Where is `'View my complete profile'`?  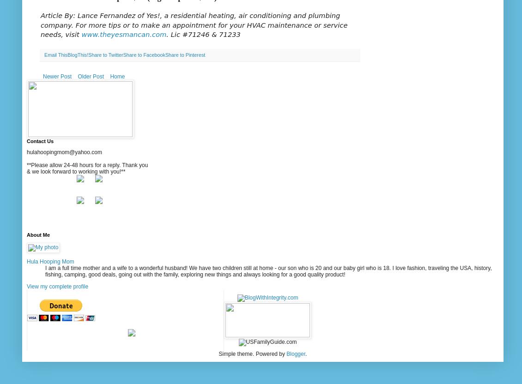
'View my complete profile' is located at coordinates (57, 286).